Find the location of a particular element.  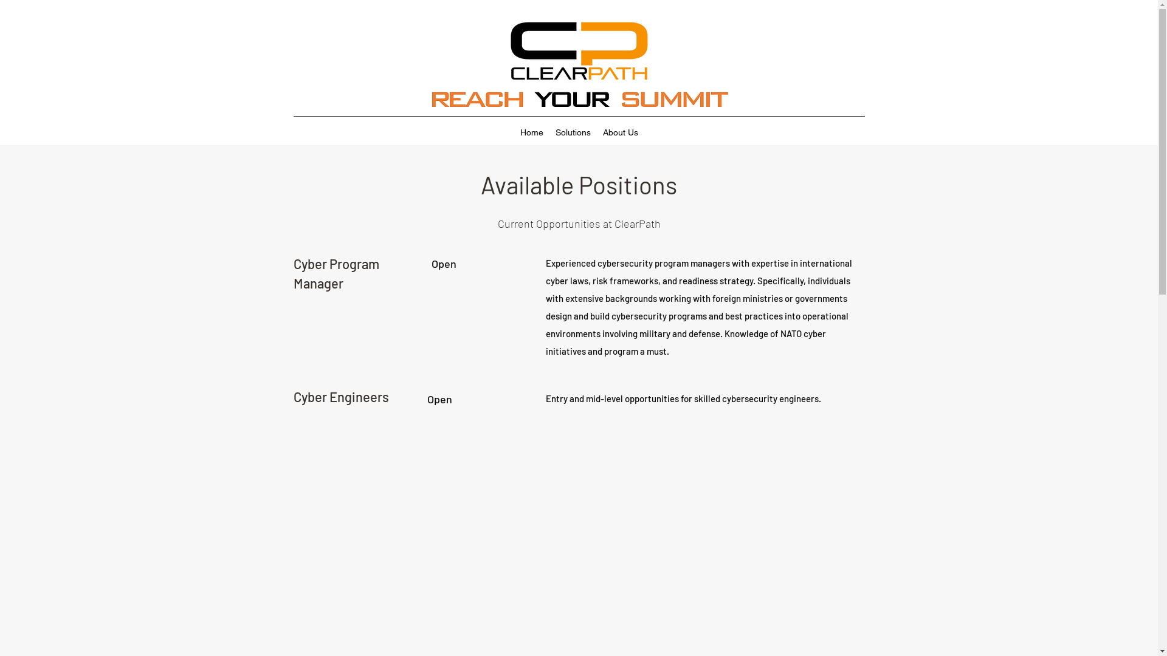

'About Us' is located at coordinates (621, 132).